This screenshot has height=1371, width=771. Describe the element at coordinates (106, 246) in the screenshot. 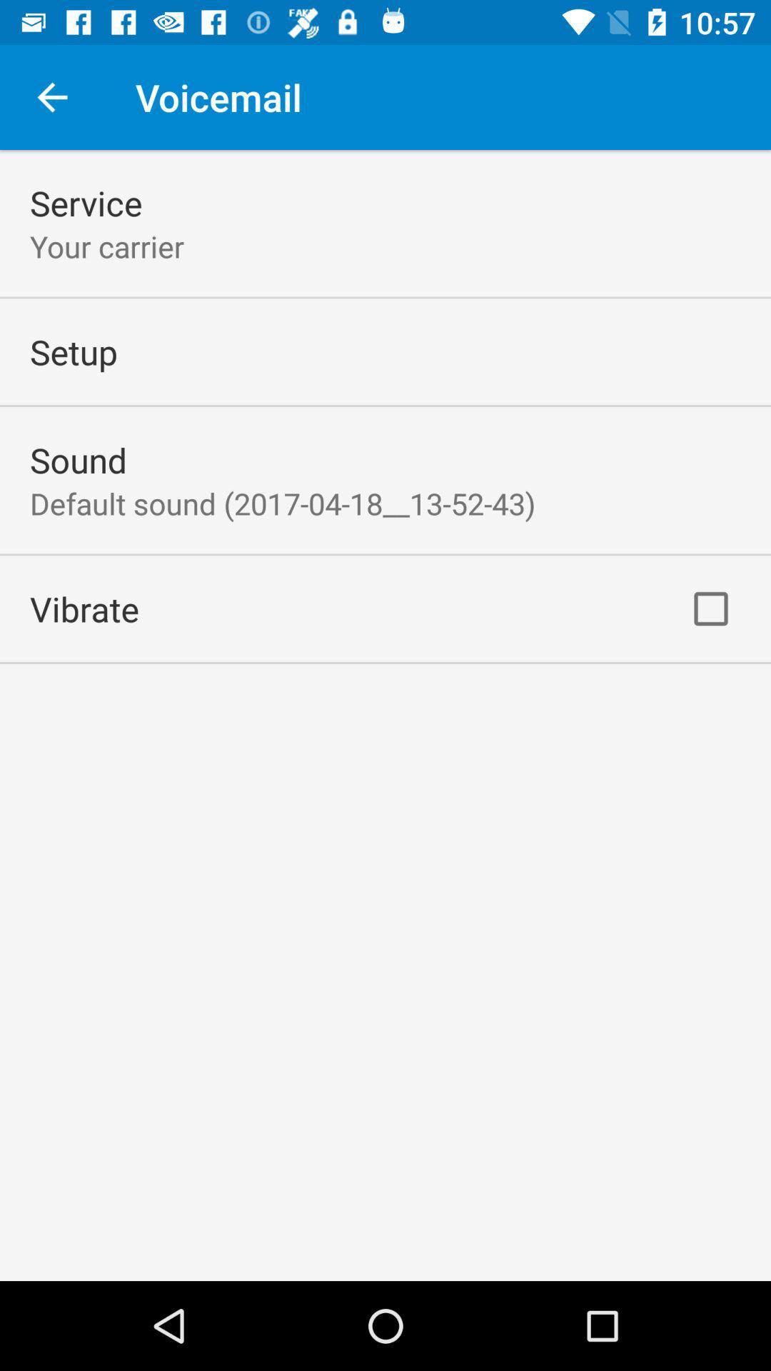

I see `your carrier icon` at that location.